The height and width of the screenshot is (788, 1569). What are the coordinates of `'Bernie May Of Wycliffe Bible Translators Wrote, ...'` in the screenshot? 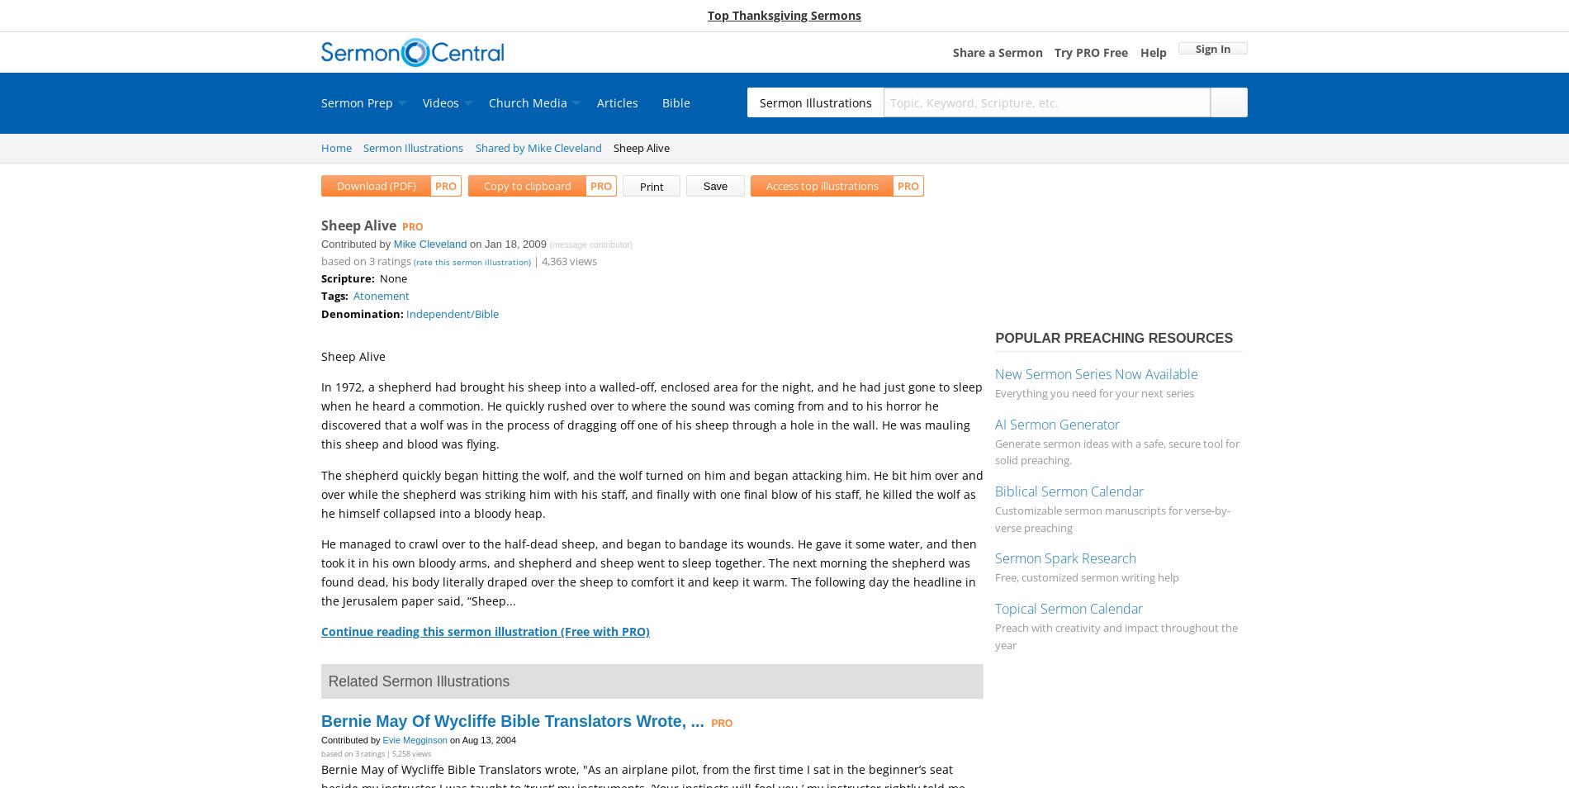 It's located at (514, 721).